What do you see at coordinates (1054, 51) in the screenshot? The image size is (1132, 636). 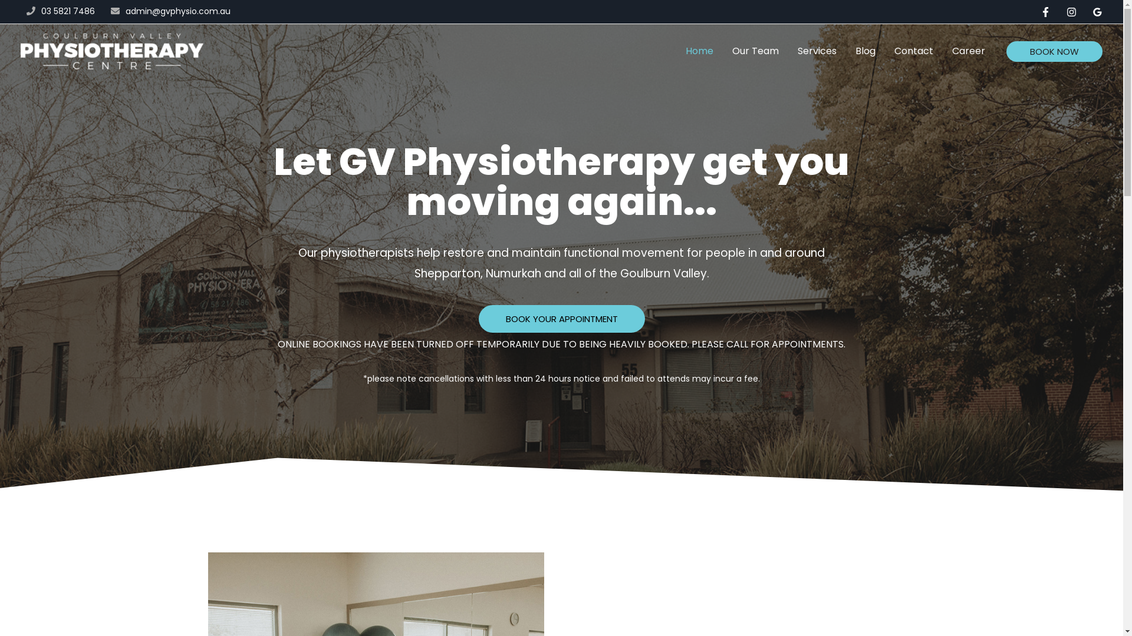 I see `'BOOK NOW'` at bounding box center [1054, 51].